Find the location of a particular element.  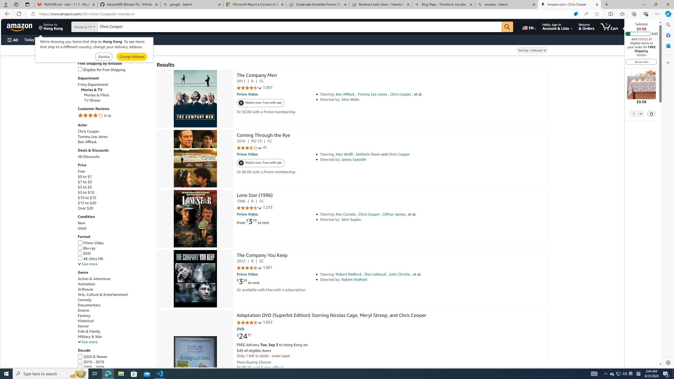

'1,861' is located at coordinates (267, 267).